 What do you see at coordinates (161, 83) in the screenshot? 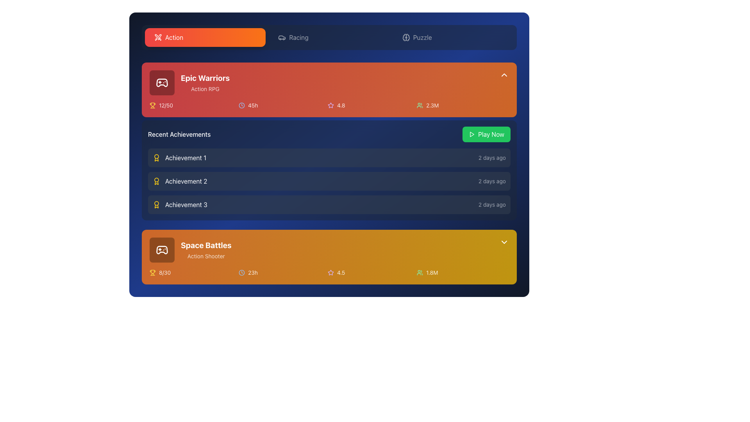
I see `the gaming-related icon located at the bottom of the 'Epic Warriors' card in the top-left quarter of the interface` at bounding box center [161, 83].